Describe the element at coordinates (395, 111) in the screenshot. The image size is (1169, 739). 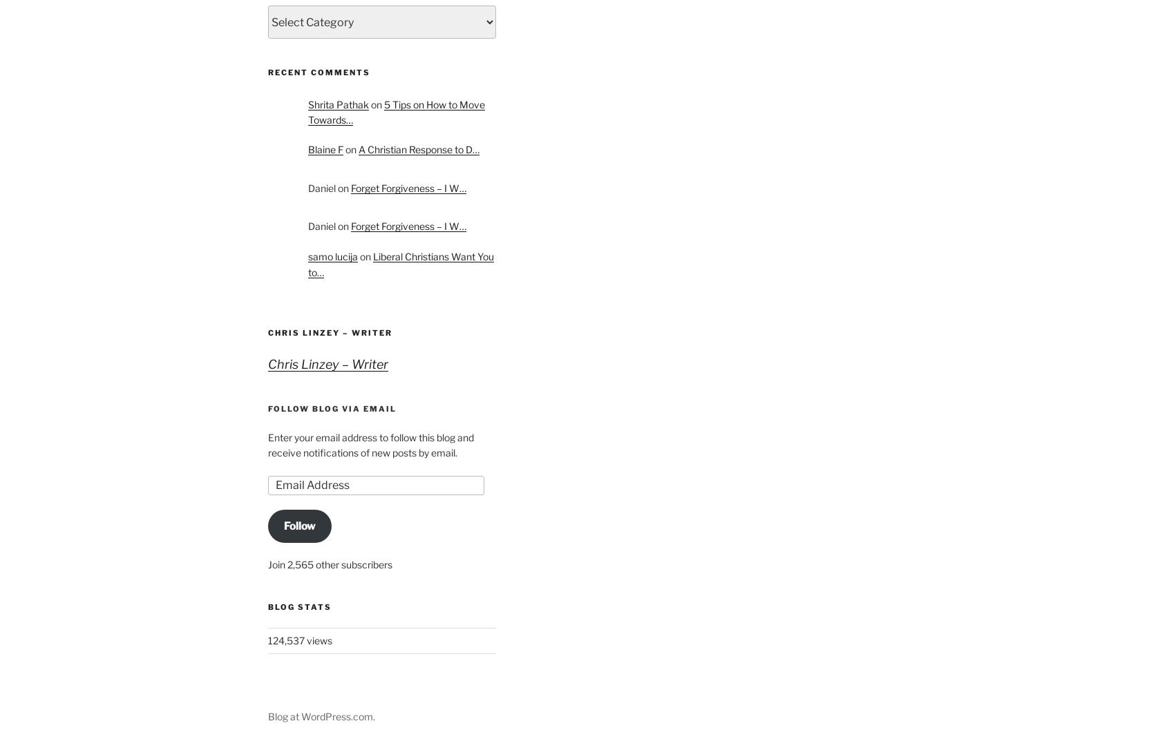
I see `'5 Tips on How to Move Towards…'` at that location.